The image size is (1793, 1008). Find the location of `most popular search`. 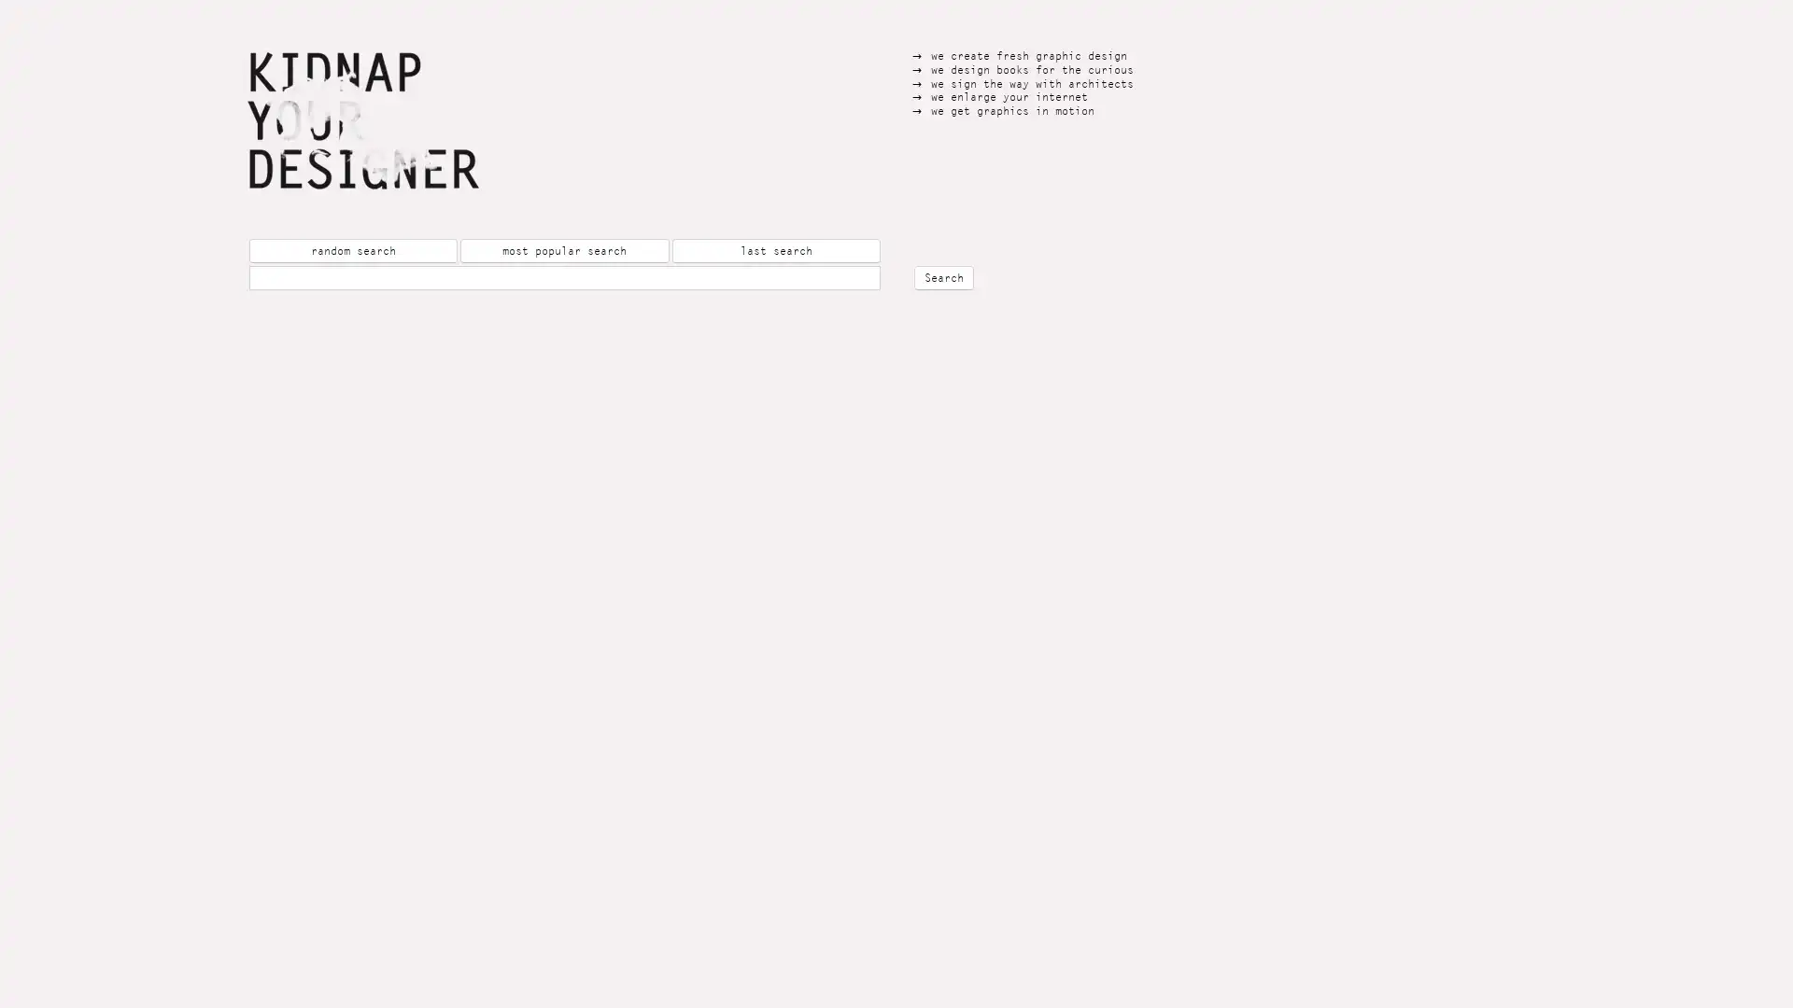

most popular search is located at coordinates (563, 250).